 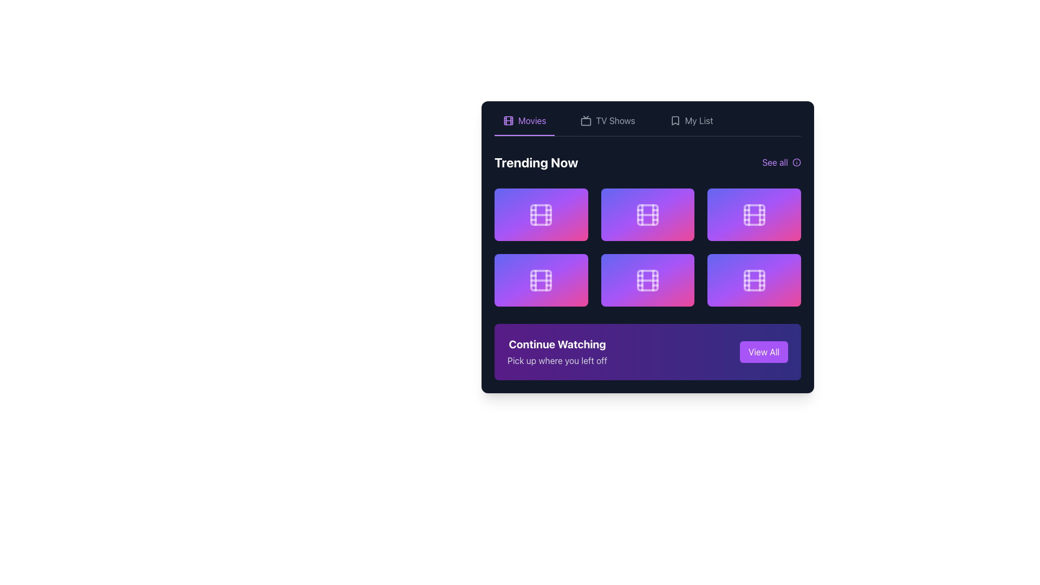 What do you see at coordinates (753, 214) in the screenshot?
I see `the film strip icon located in the second row and third column of the 'Trending Now' section, which features a square frame with rounded edges and lines mimicking film frames` at bounding box center [753, 214].